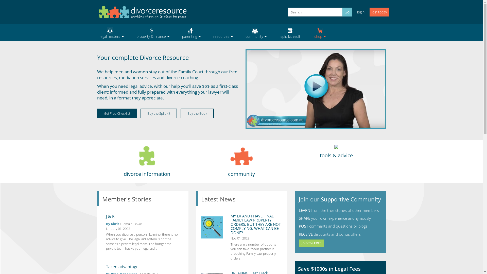 This screenshot has height=274, width=487. What do you see at coordinates (122, 266) in the screenshot?
I see `'Taken advantage'` at bounding box center [122, 266].